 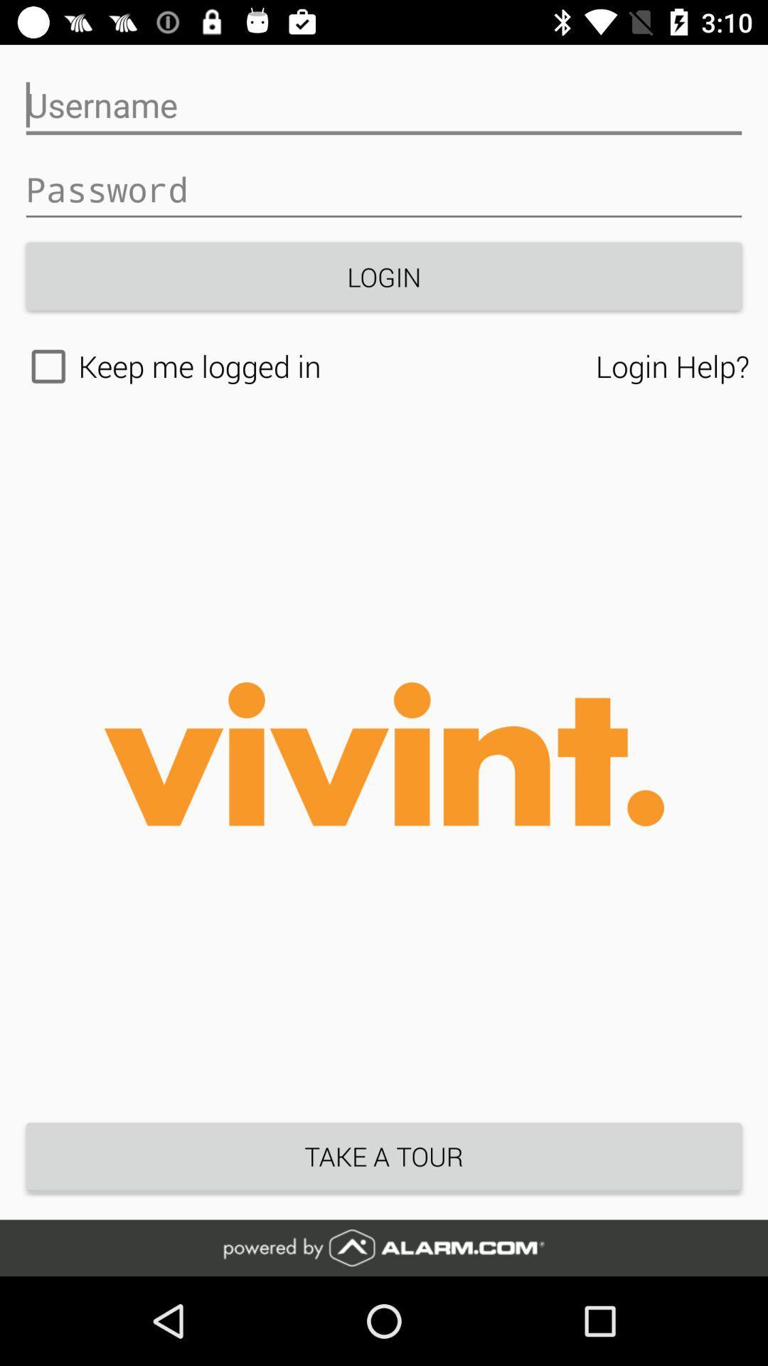 What do you see at coordinates (306, 366) in the screenshot?
I see `keep me logged item` at bounding box center [306, 366].